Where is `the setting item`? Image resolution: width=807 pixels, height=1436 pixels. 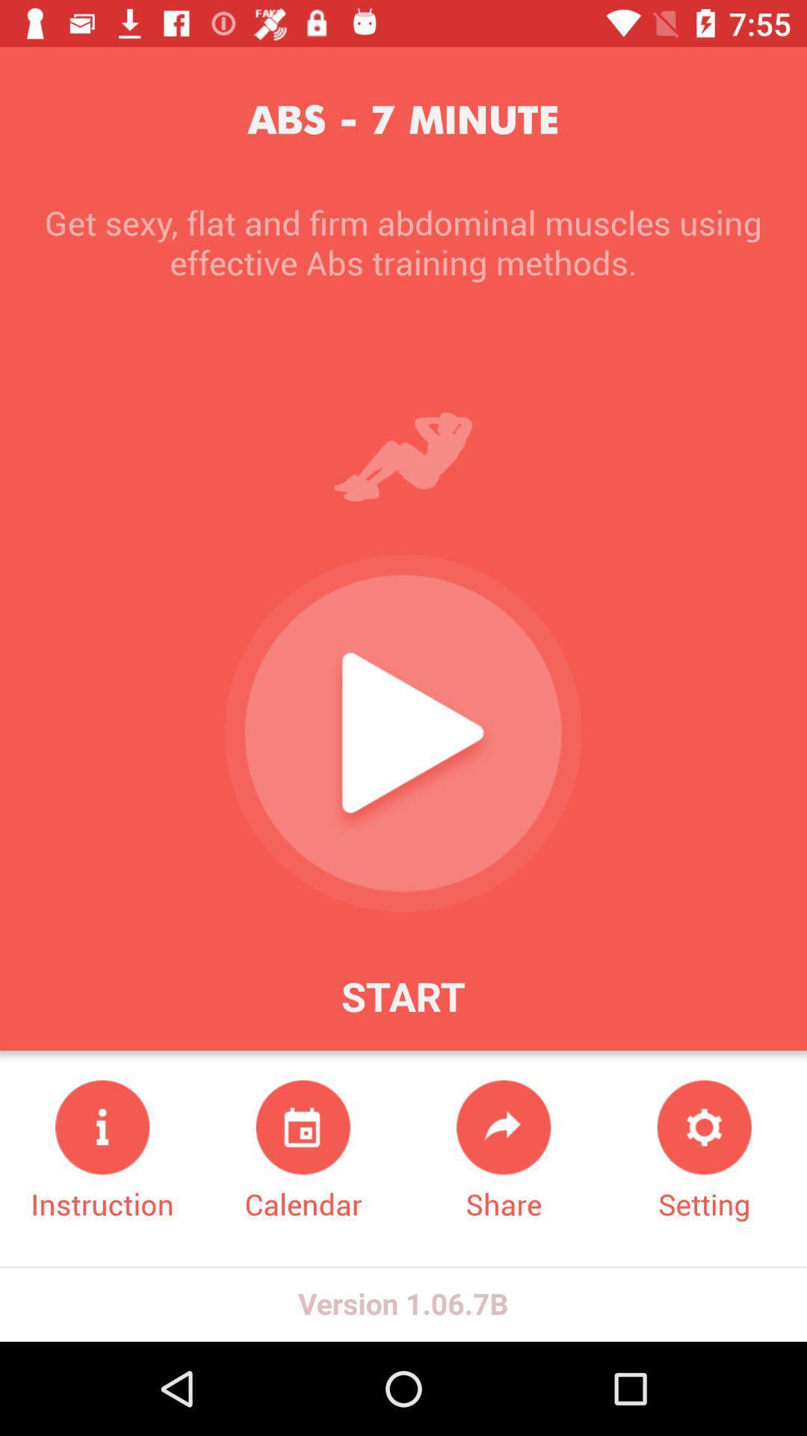
the setting item is located at coordinates (704, 1151).